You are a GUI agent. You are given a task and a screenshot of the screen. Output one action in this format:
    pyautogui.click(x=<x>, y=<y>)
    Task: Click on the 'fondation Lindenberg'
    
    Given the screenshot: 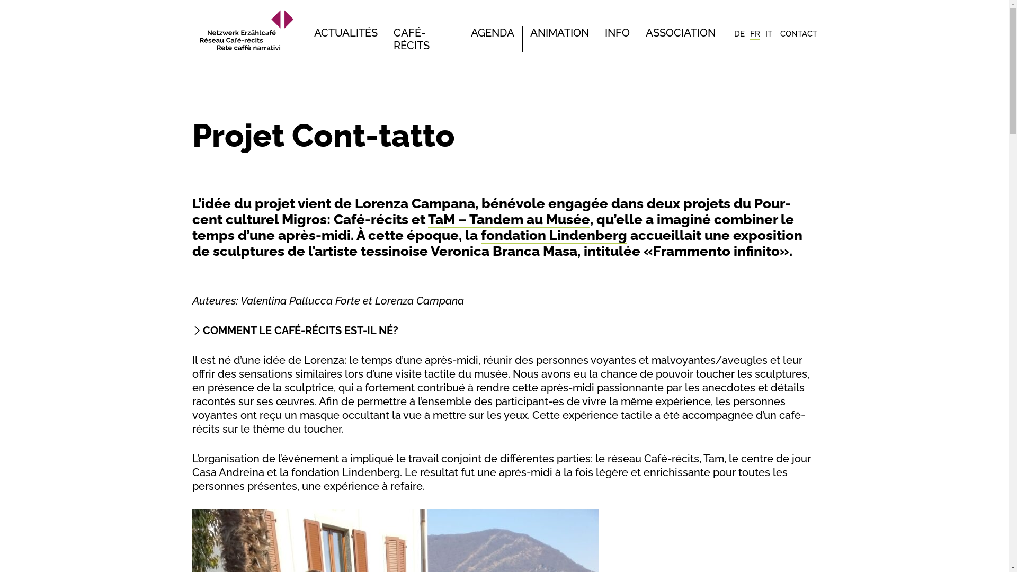 What is the action you would take?
    pyautogui.click(x=554, y=235)
    